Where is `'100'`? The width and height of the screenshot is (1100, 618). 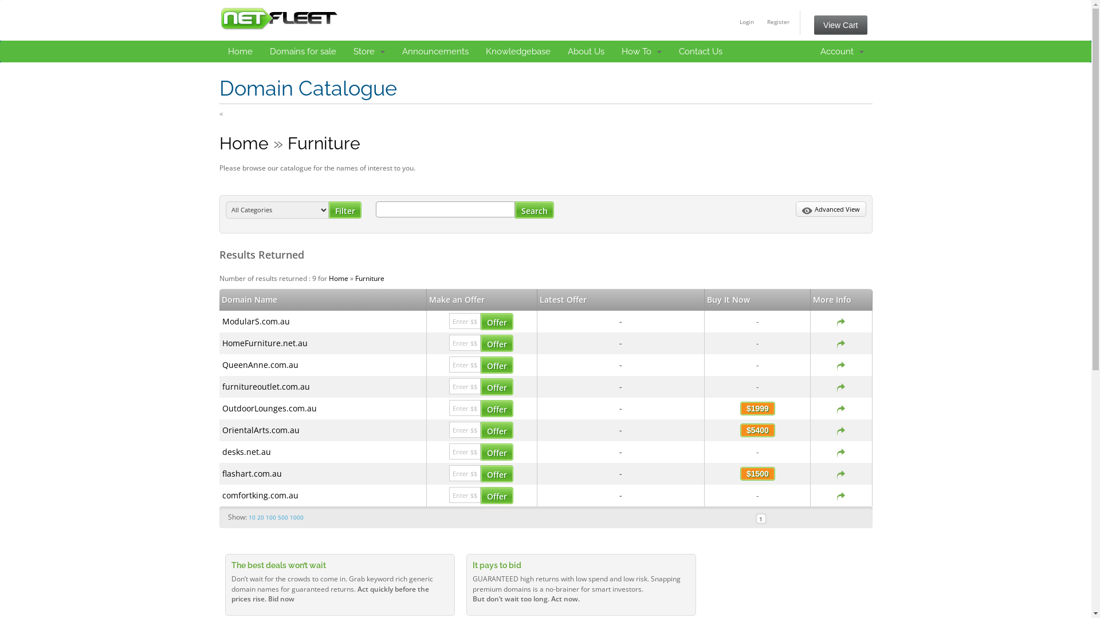 '100' is located at coordinates (270, 517).